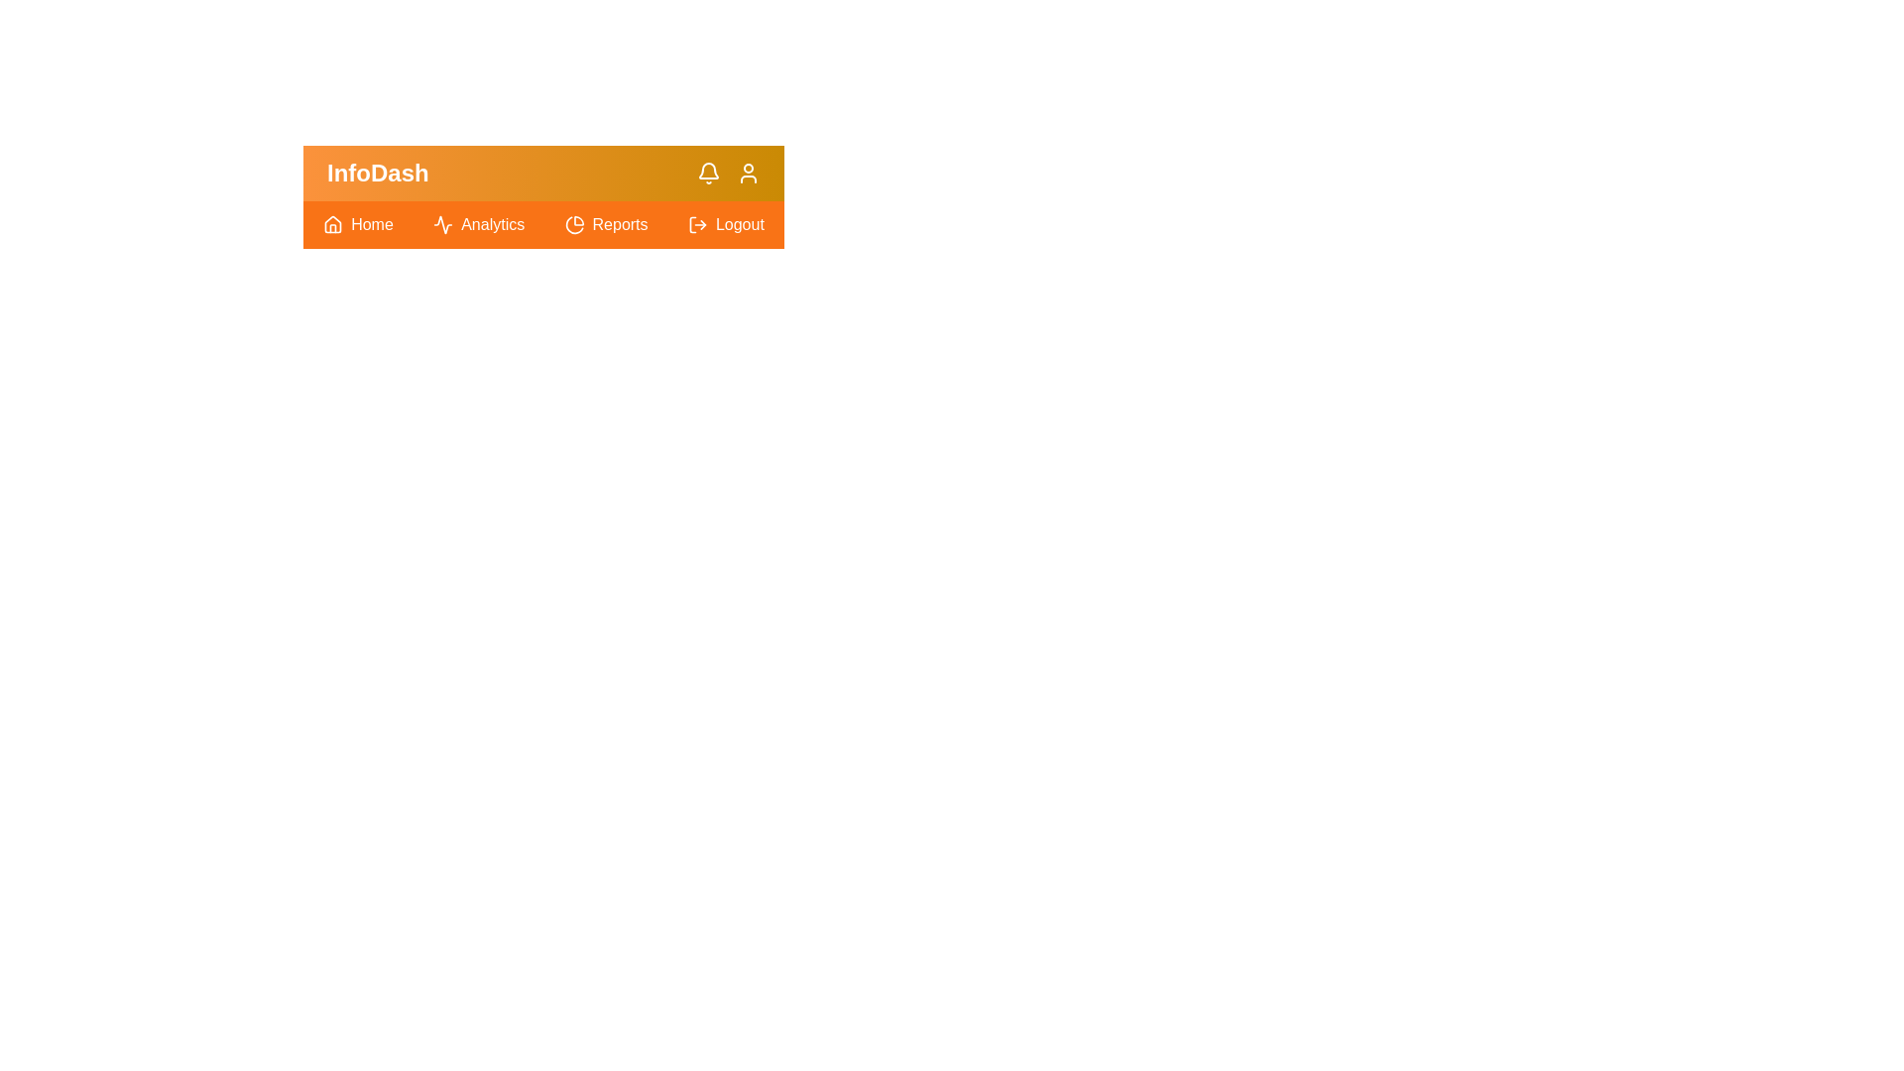  I want to click on the notification icon to view alerts, so click(709, 172).